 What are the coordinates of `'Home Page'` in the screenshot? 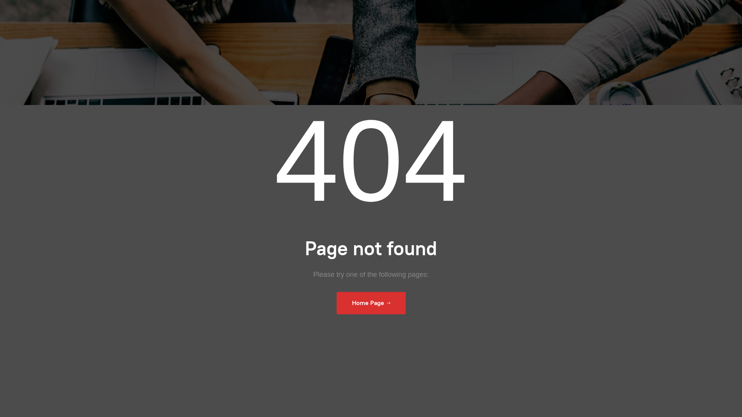 It's located at (370, 303).